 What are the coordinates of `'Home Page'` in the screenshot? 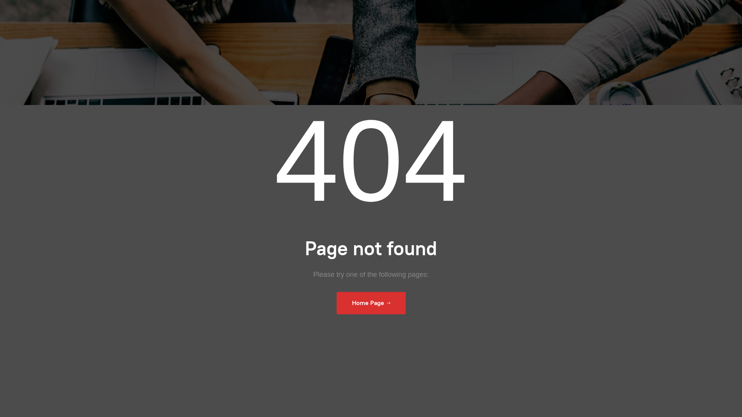 It's located at (370, 303).